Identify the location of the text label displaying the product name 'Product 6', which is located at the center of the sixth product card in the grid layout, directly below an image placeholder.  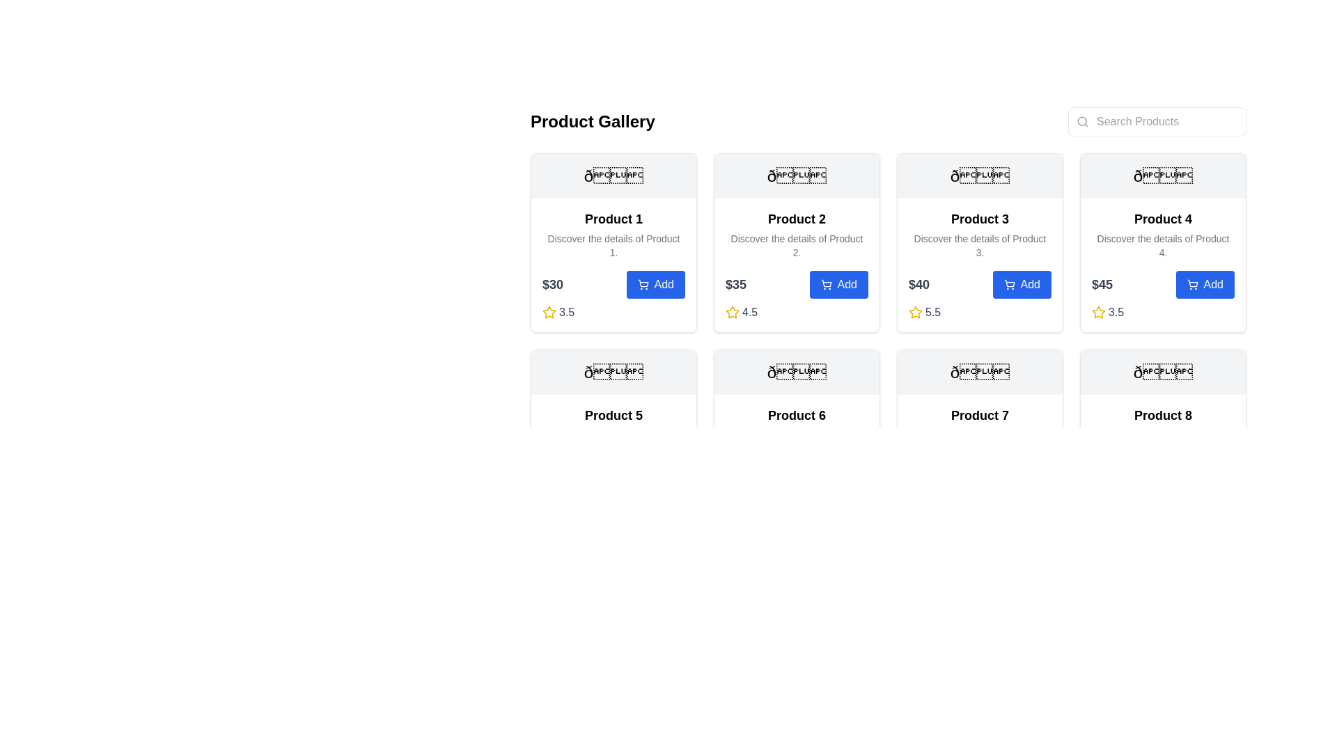
(797, 415).